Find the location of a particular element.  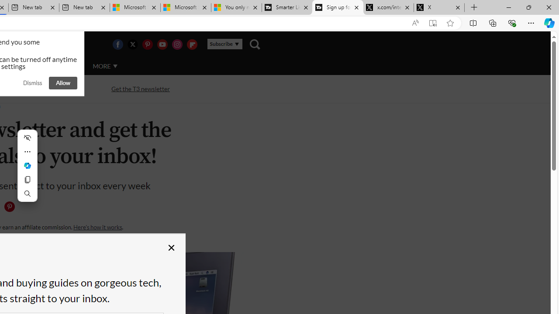

'Visit us on Flipboard' is located at coordinates (191, 44).